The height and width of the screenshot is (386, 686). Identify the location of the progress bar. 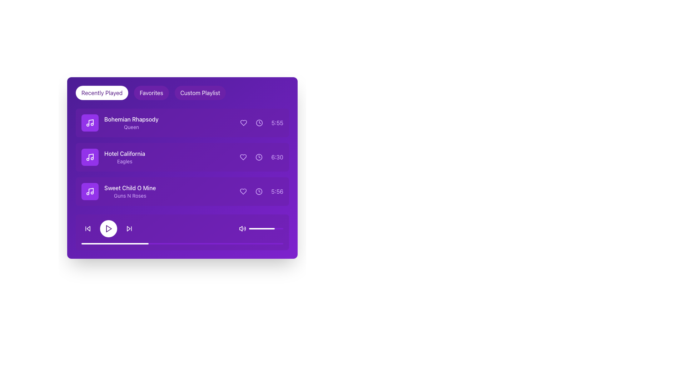
(184, 243).